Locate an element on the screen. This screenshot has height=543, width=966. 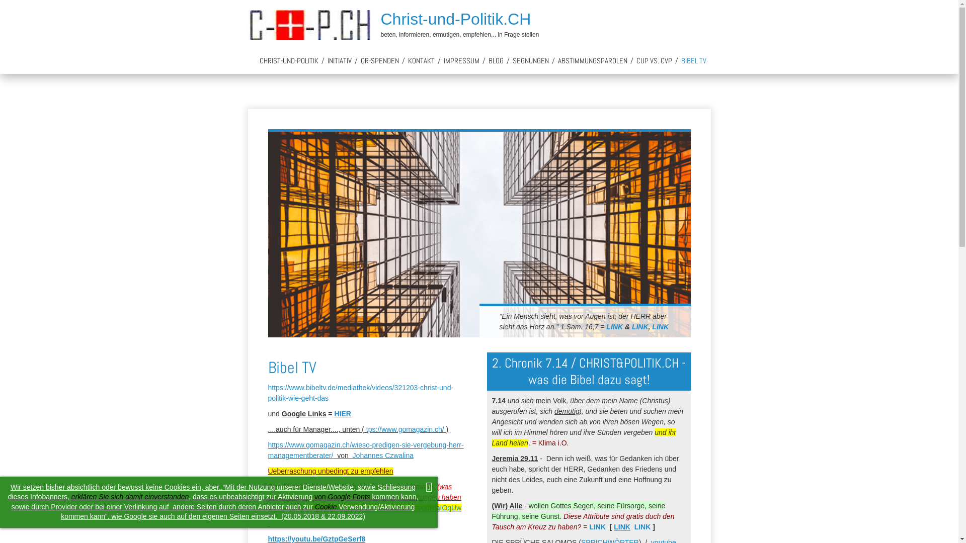
'BIBEL TV' is located at coordinates (692, 60).